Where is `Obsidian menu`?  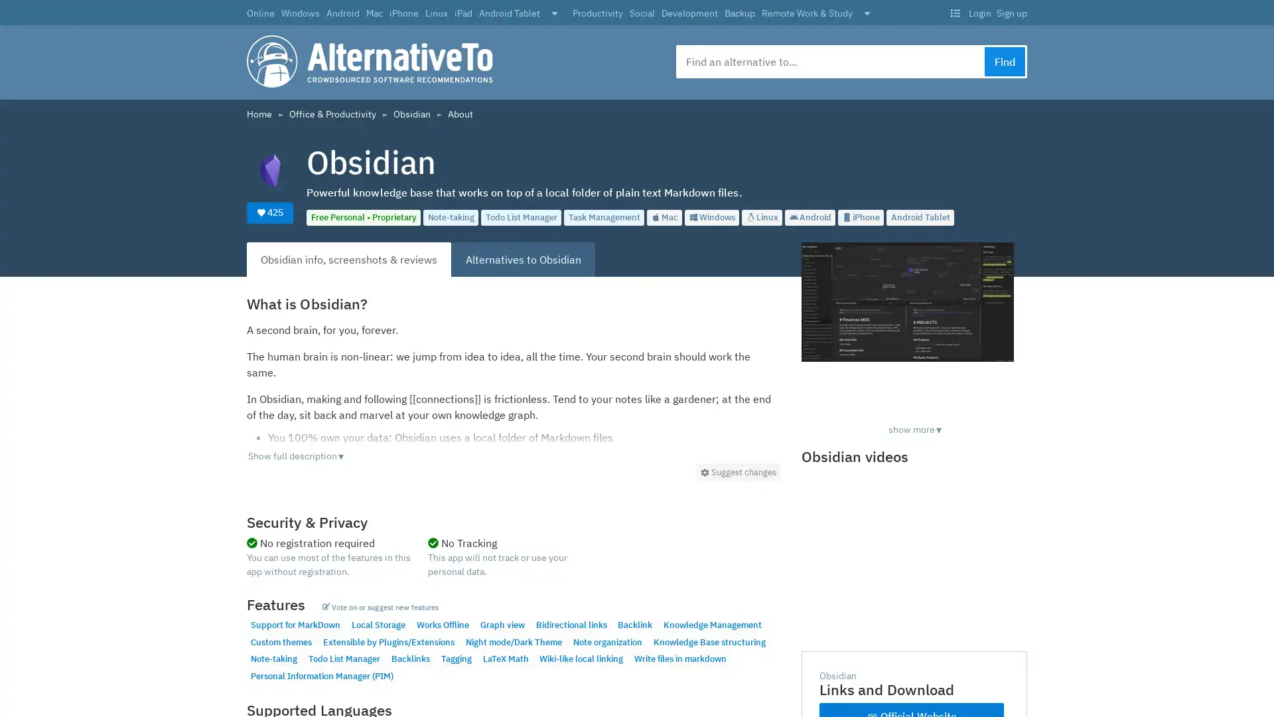
Obsidian menu is located at coordinates (737, 471).